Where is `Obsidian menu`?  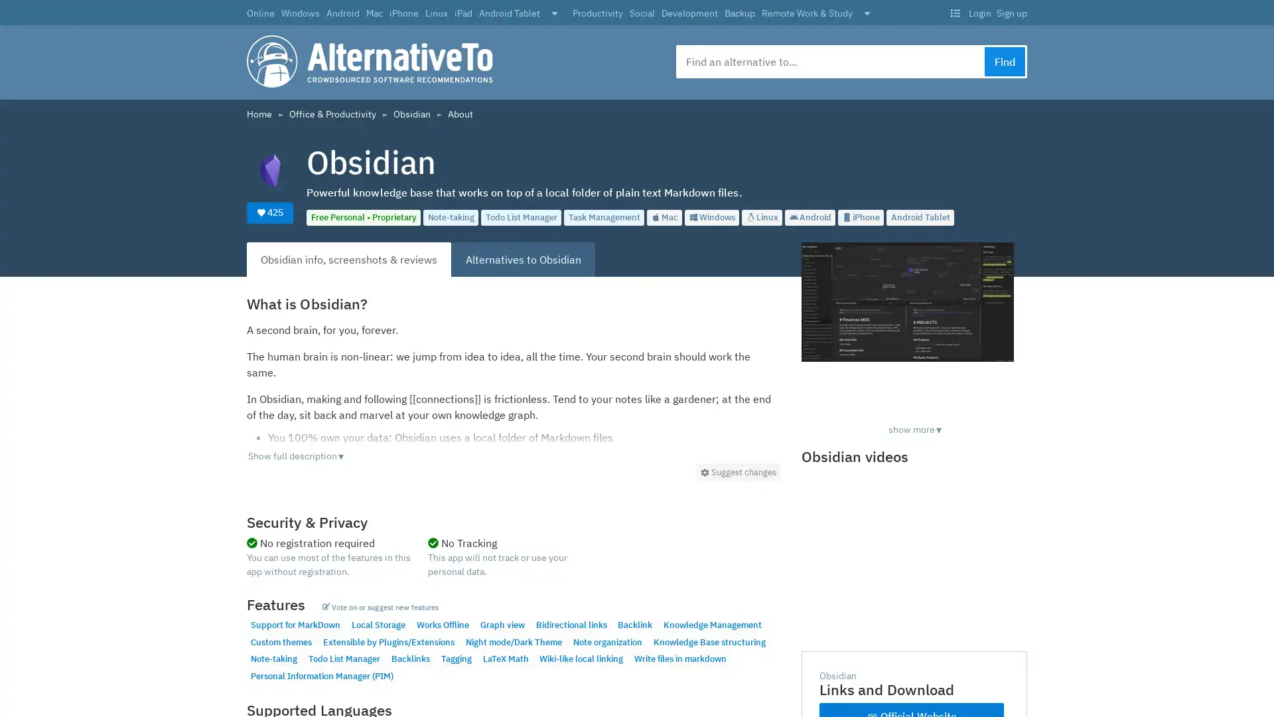
Obsidian menu is located at coordinates (737, 471).